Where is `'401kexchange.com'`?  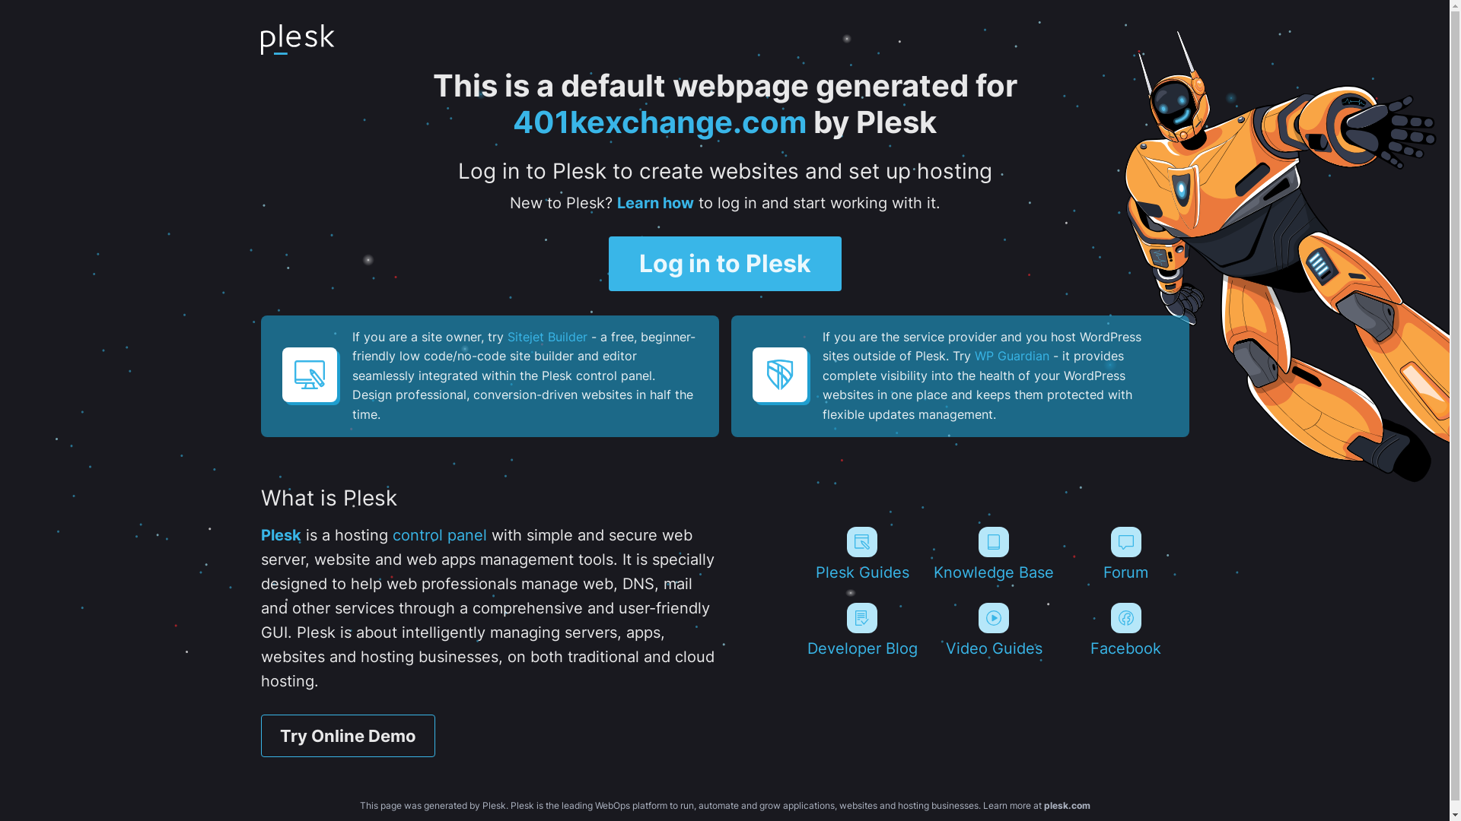
'401kexchange.com' is located at coordinates (660, 121).